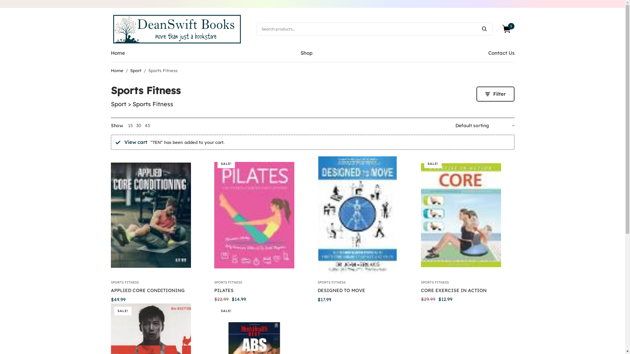  I want to click on 'SPORTS FITNESS', so click(228, 282).